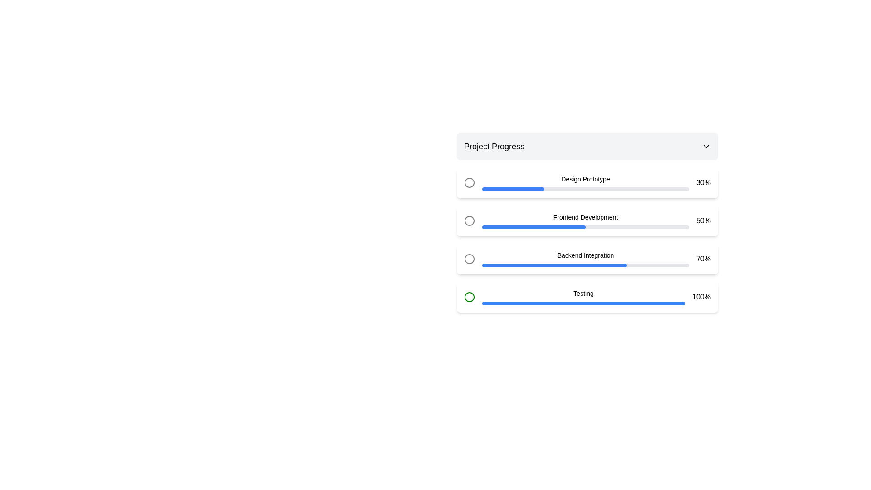  What do you see at coordinates (586, 182) in the screenshot?
I see `the text label of the Progress tracker item for 'Design Prototype'` at bounding box center [586, 182].